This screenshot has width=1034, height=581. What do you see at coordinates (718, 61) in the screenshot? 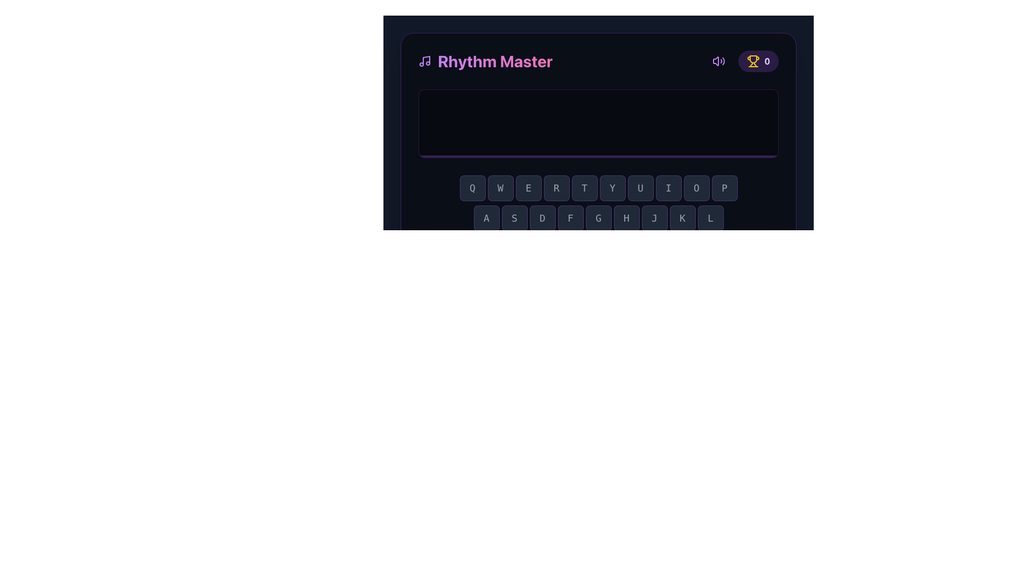
I see `the sound control icon located in the top-right corner of the interface, to the left of the golden trophy icon with a '0' label` at bounding box center [718, 61].